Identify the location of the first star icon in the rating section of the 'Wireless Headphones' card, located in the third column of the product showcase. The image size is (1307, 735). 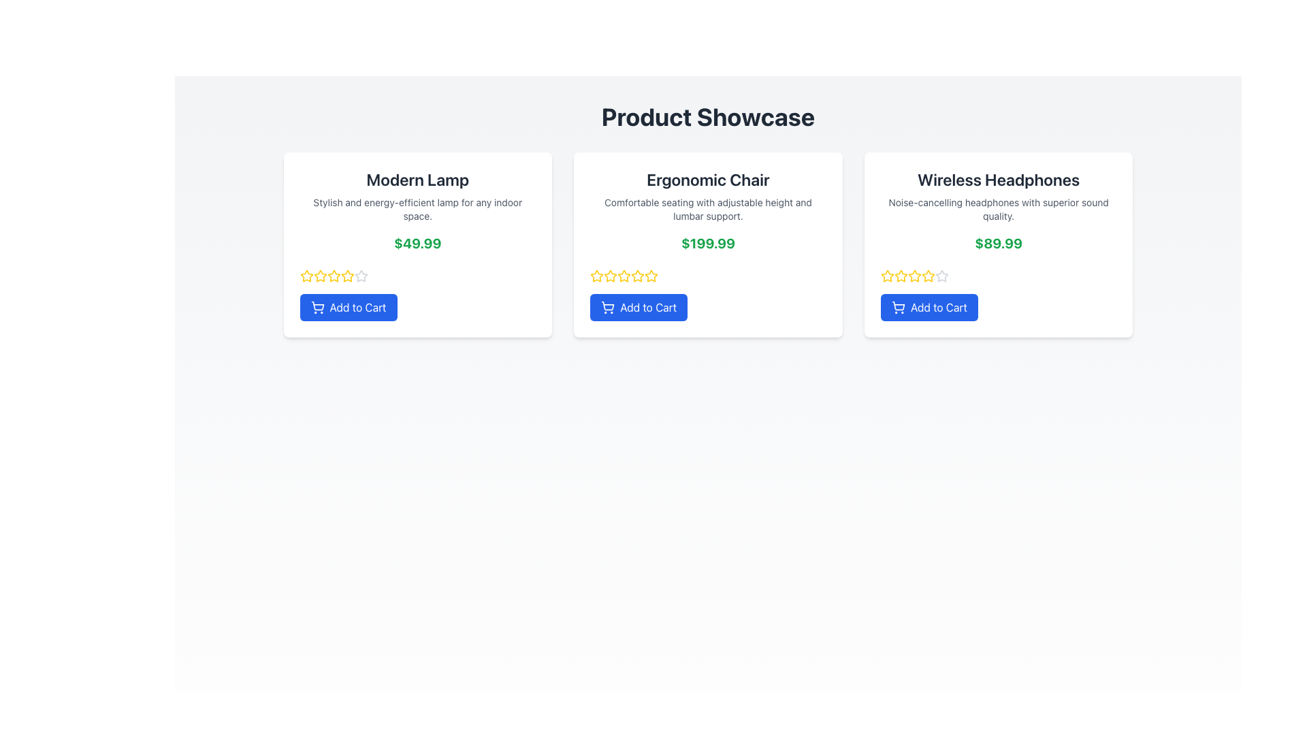
(887, 276).